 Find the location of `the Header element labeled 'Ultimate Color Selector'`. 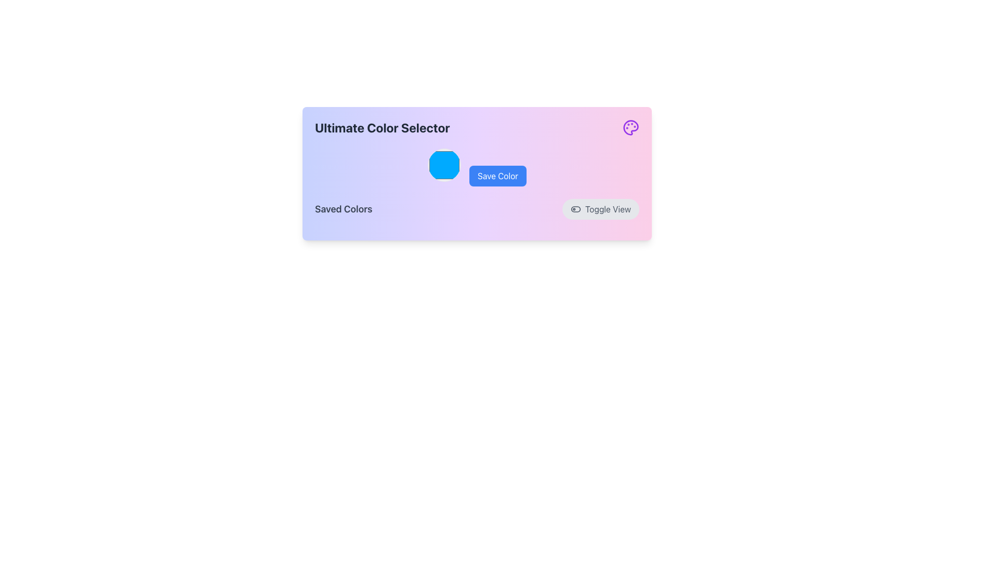

the Header element labeled 'Ultimate Color Selector' is located at coordinates (476, 127).